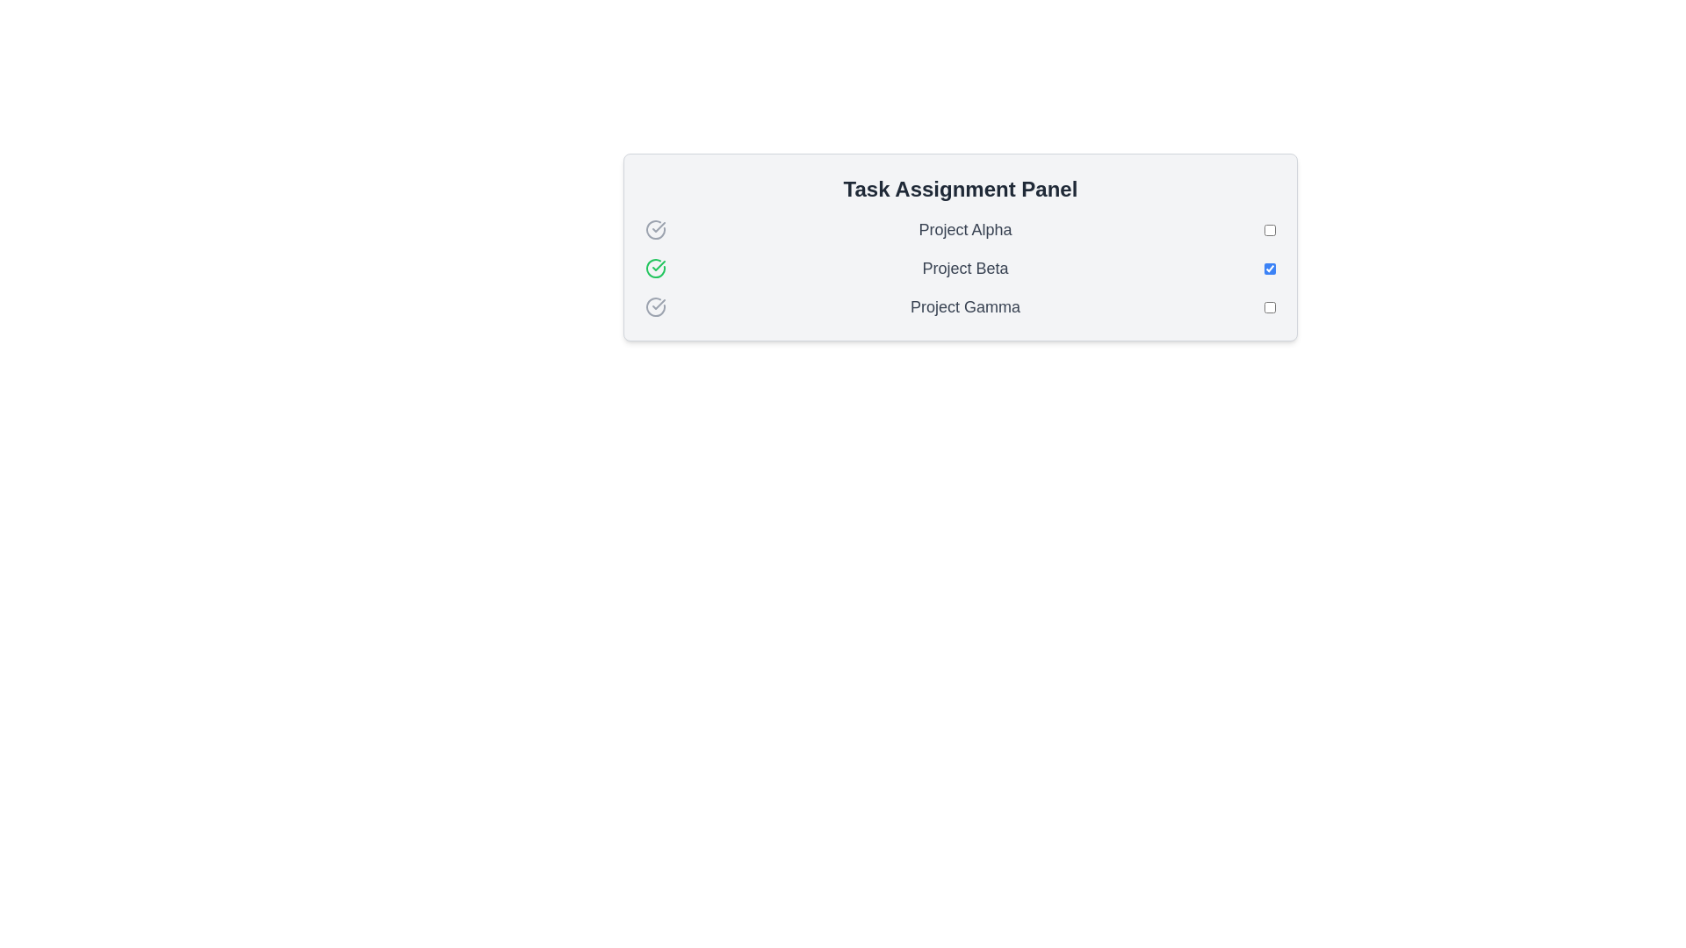 This screenshot has width=1686, height=948. Describe the element at coordinates (655, 306) in the screenshot. I see `the third icon indicating the pending or inactive status of 'Project Gamma' located at the far-left side of the project's entry in the vertical list` at that location.